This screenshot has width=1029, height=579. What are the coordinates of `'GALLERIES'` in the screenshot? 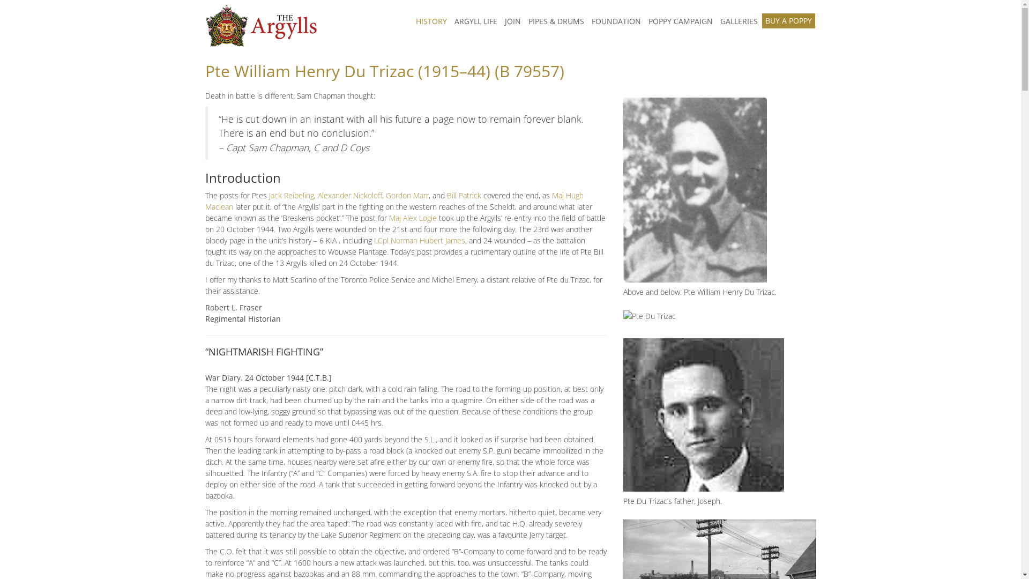 It's located at (737, 21).